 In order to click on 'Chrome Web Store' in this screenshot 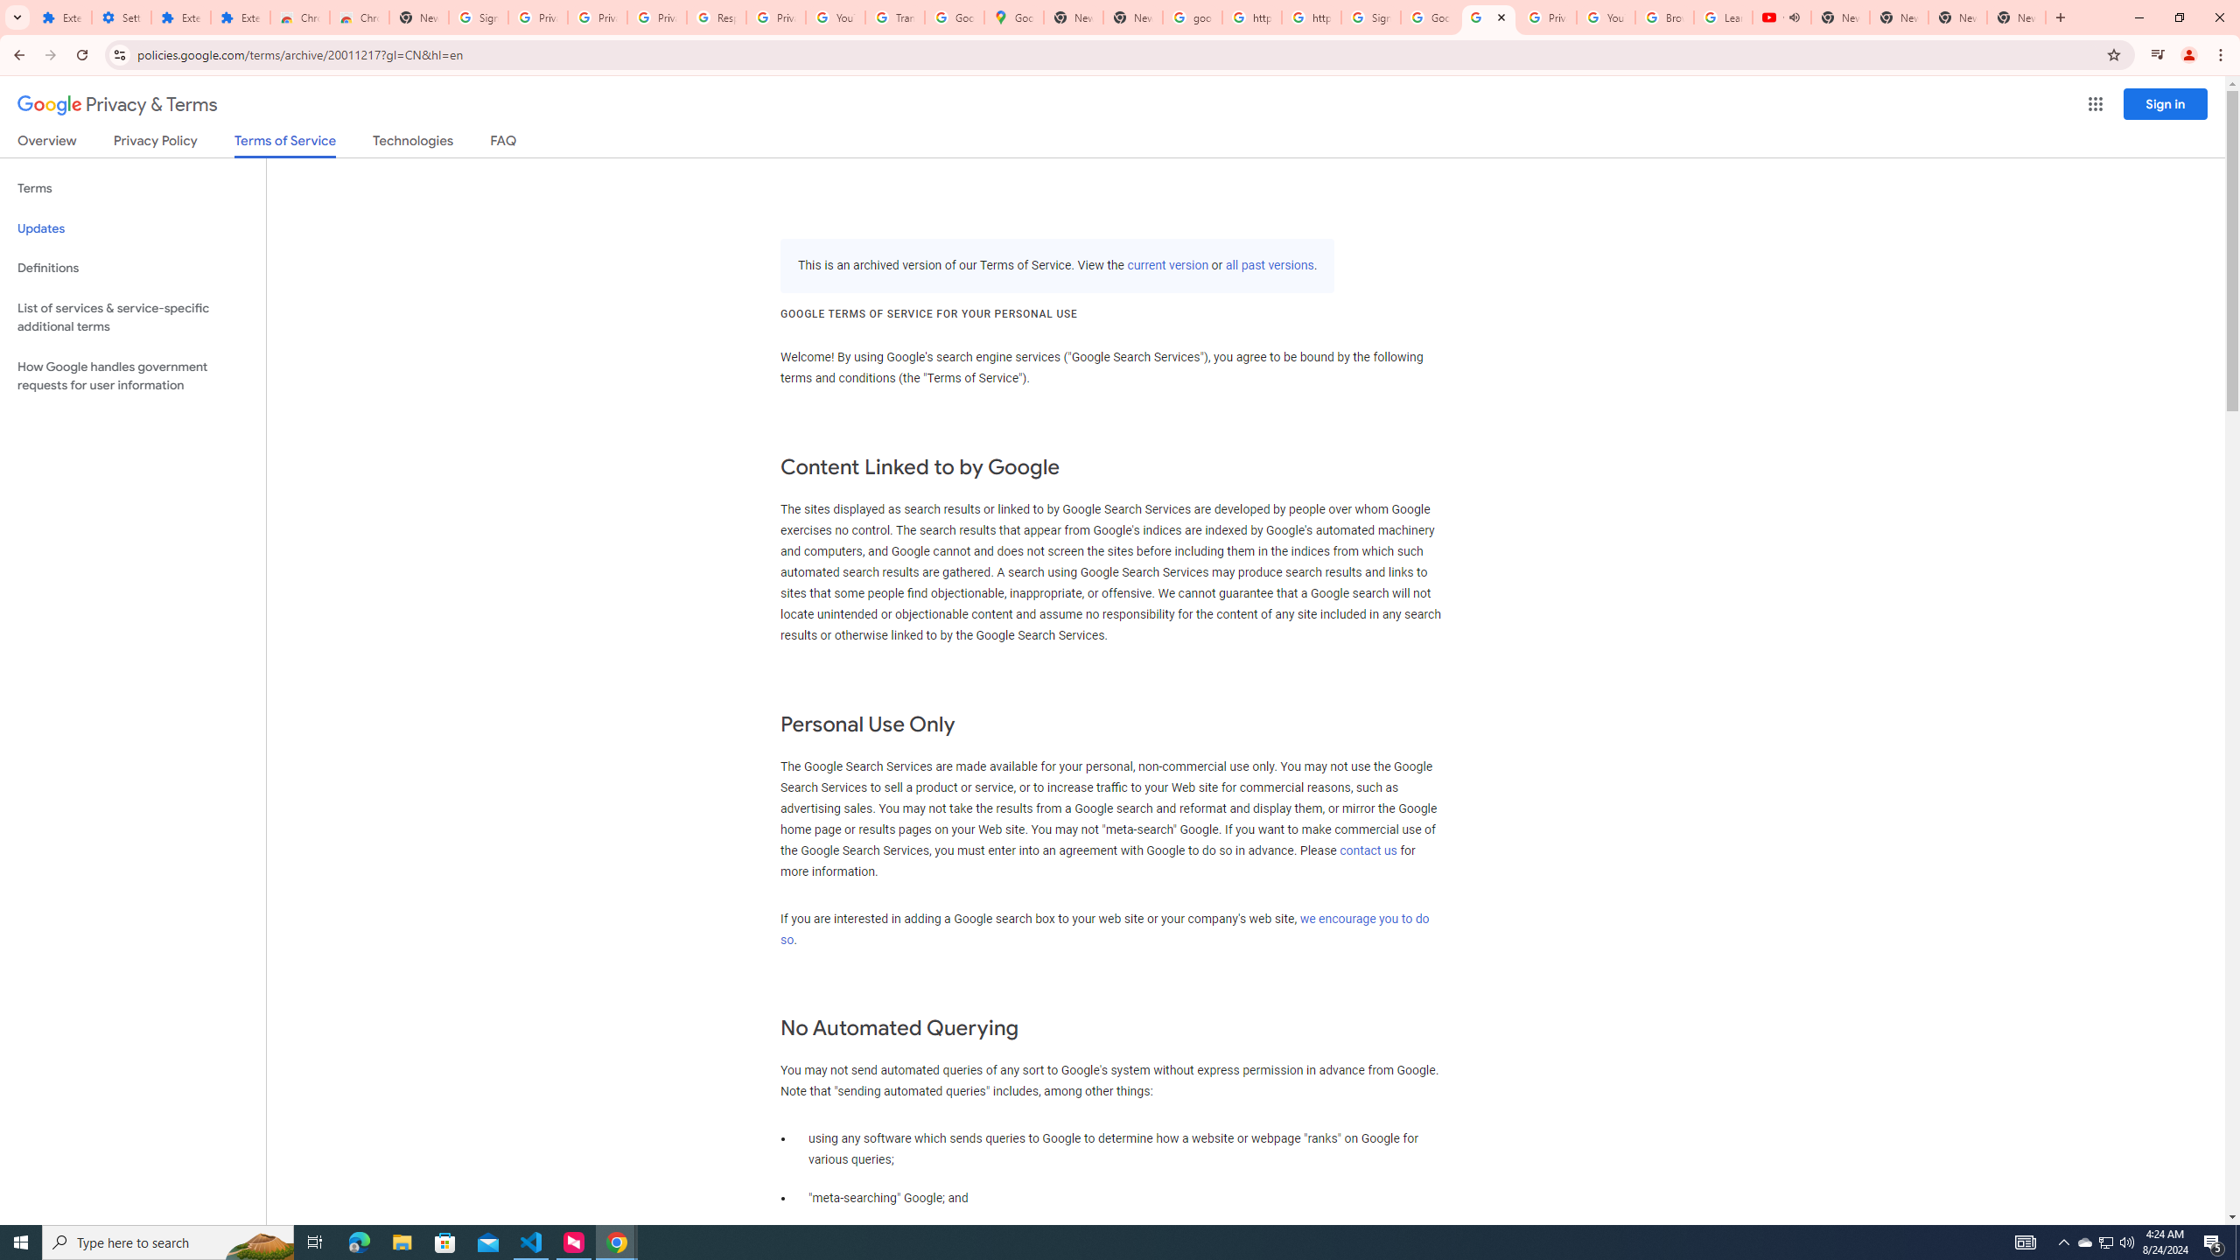, I will do `click(299, 17)`.